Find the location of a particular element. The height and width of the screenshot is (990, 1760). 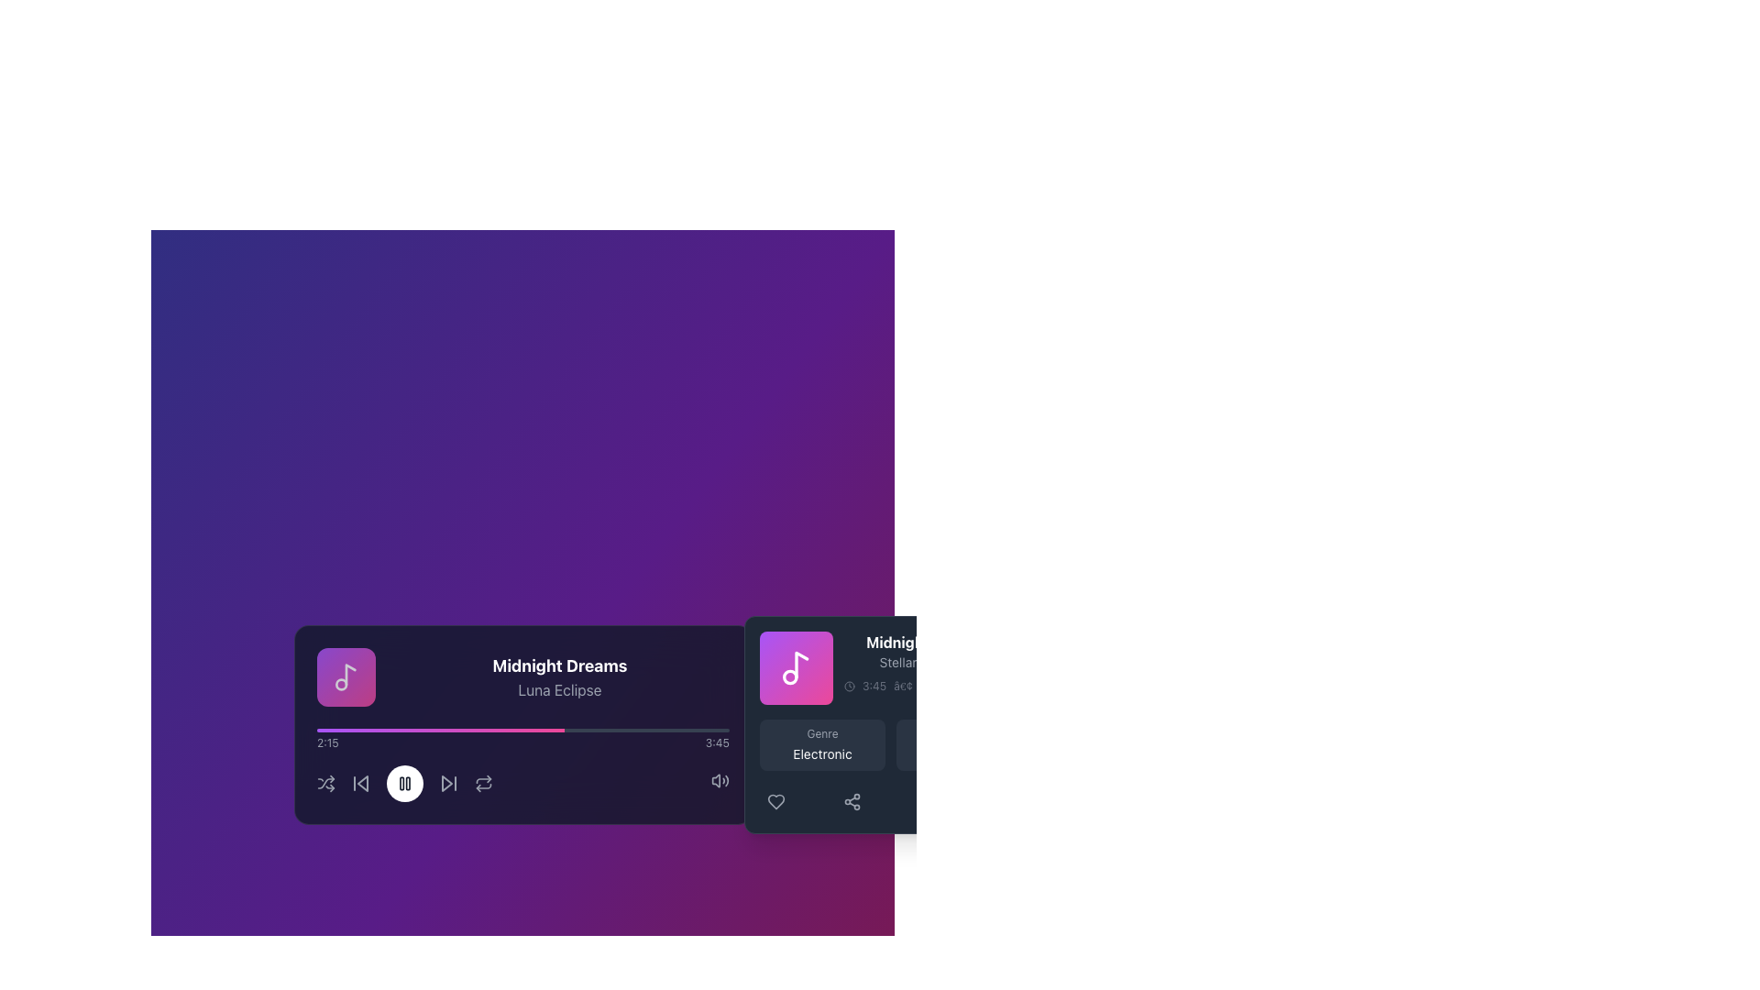

the buttons within the Control panel bar, which is centrally located at the lower part of the main music player interface is located at coordinates (522, 784).